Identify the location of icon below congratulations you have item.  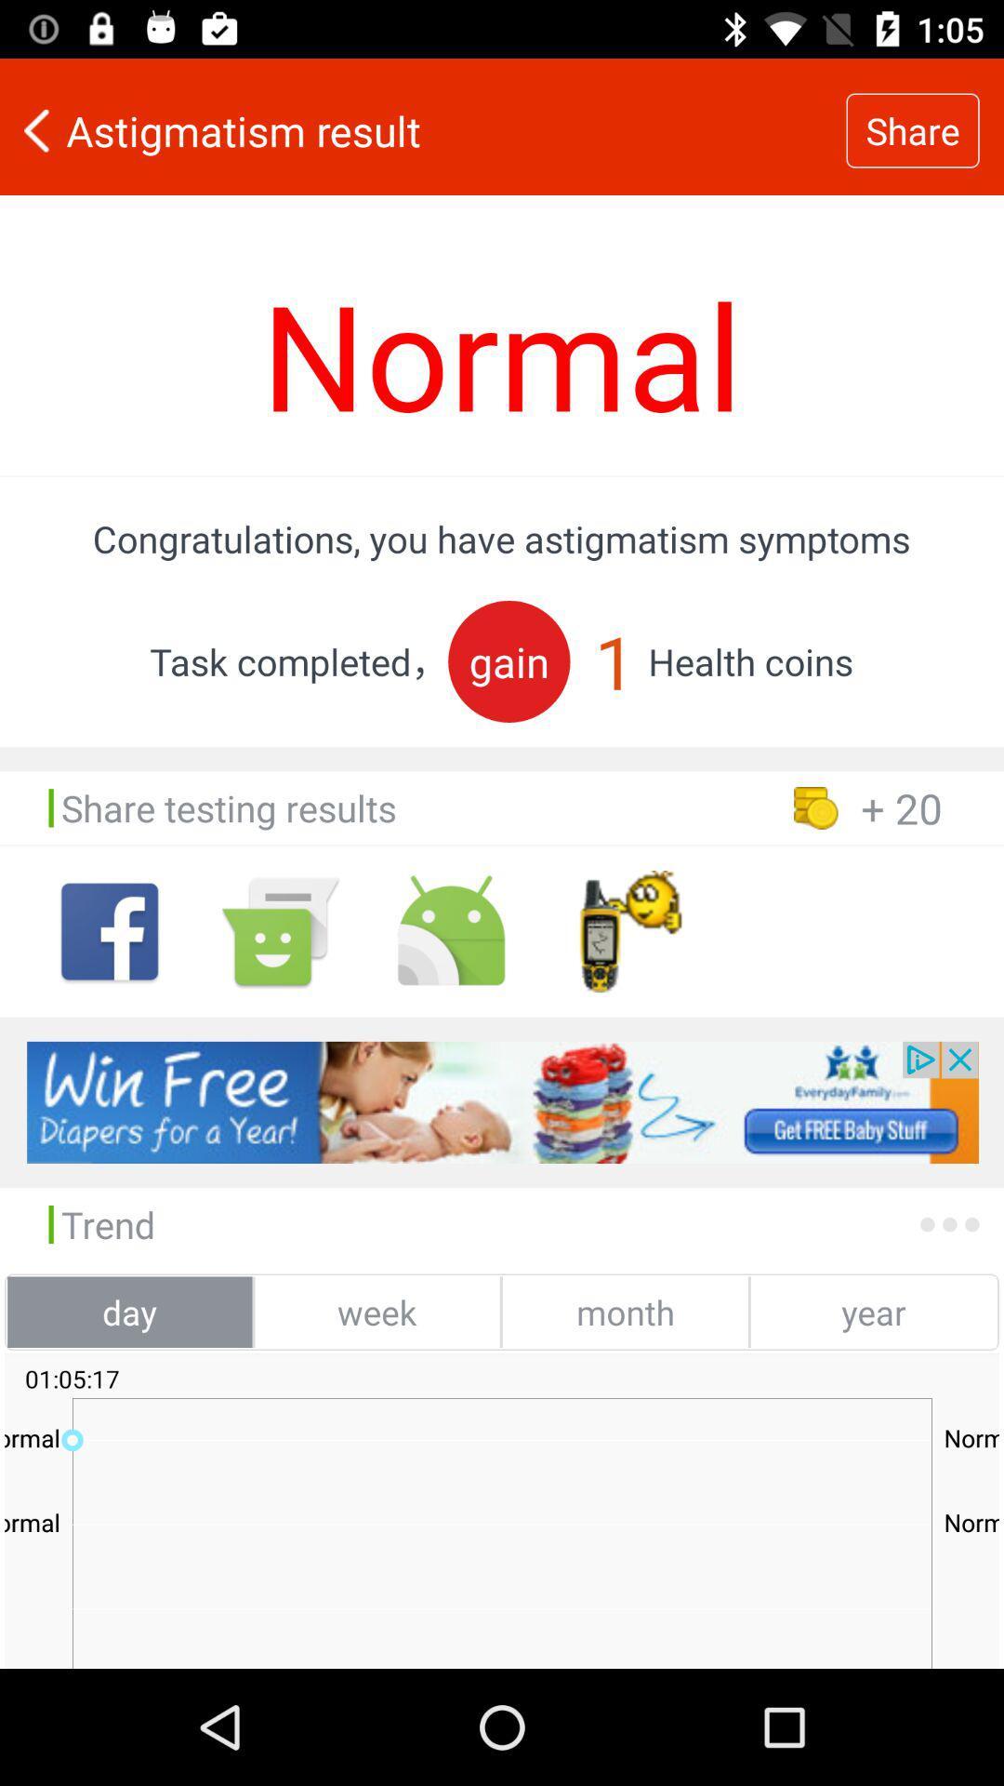
(509, 661).